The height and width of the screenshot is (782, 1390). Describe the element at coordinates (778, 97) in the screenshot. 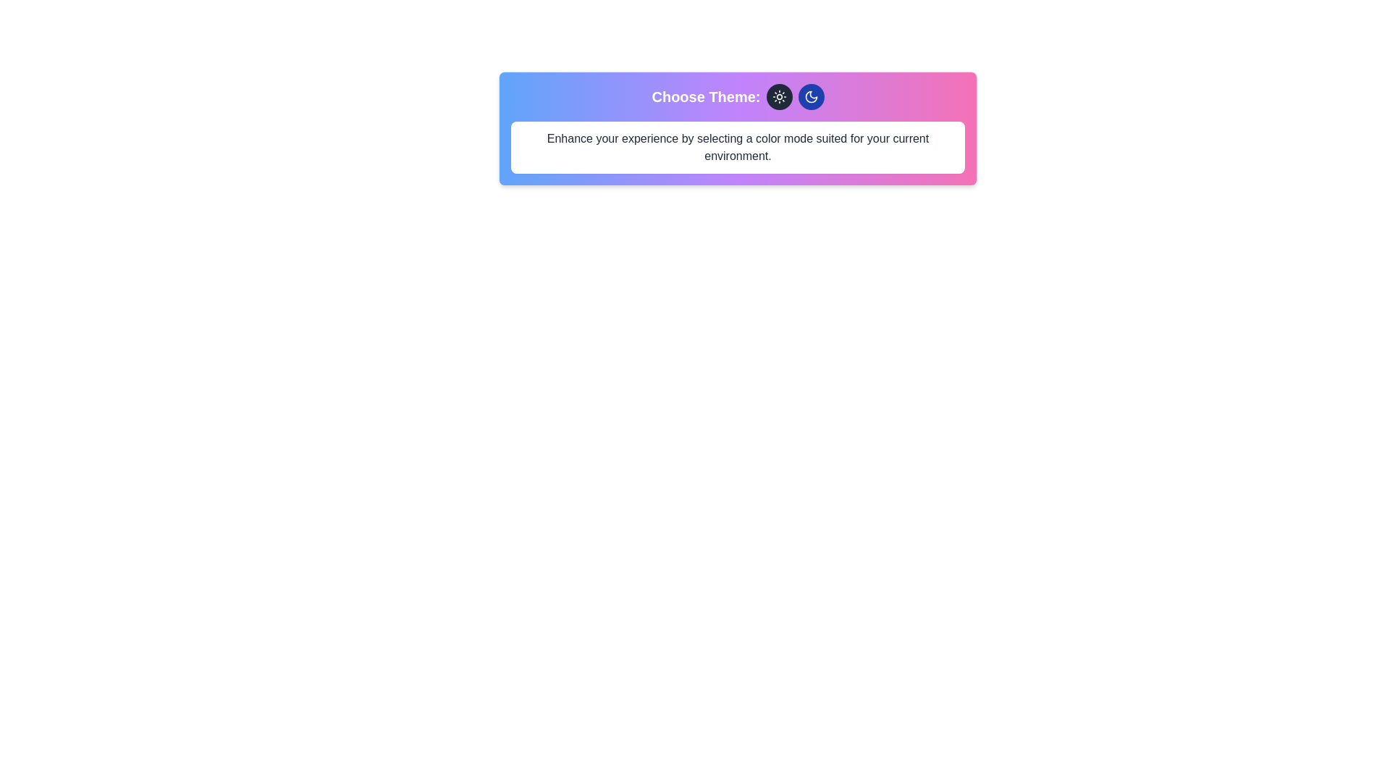

I see `the circular button with a dark background and white sun icon` at that location.